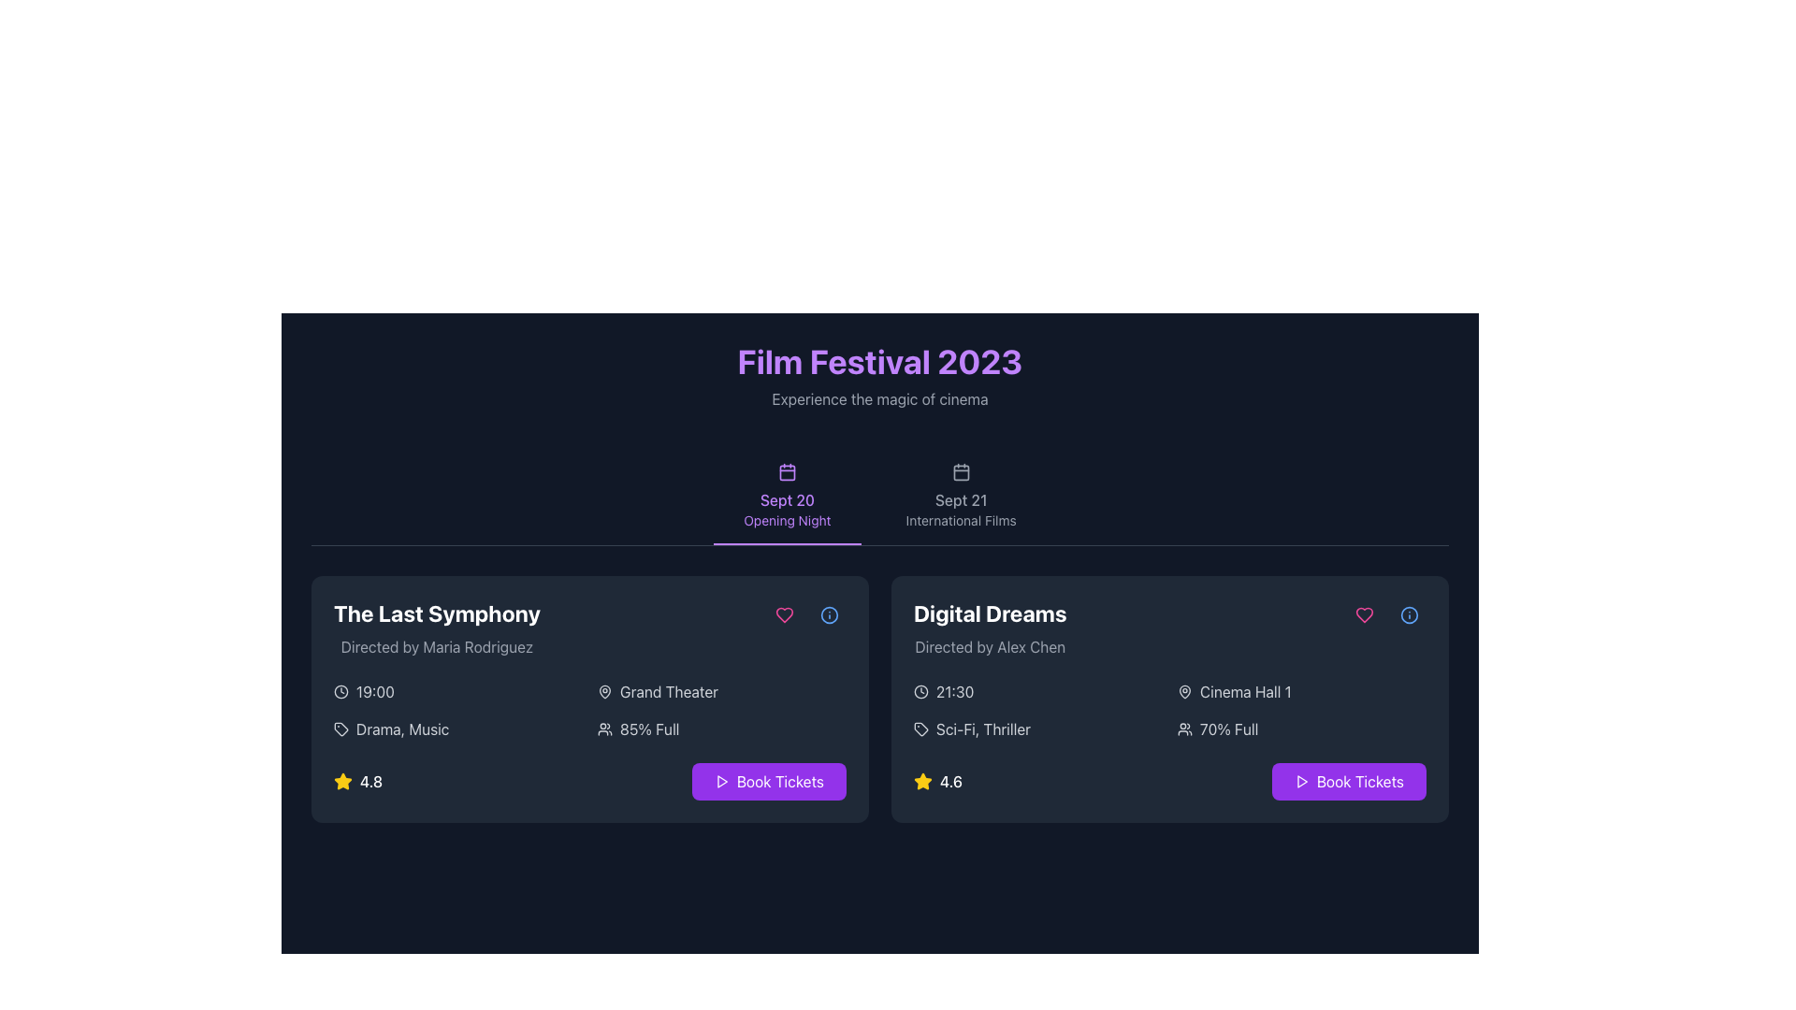  I want to click on the text label displaying 'Opening Night' in purple, which is located directly below the text 'Sept 20' in the Film Festival 2023 interface, so click(787, 520).